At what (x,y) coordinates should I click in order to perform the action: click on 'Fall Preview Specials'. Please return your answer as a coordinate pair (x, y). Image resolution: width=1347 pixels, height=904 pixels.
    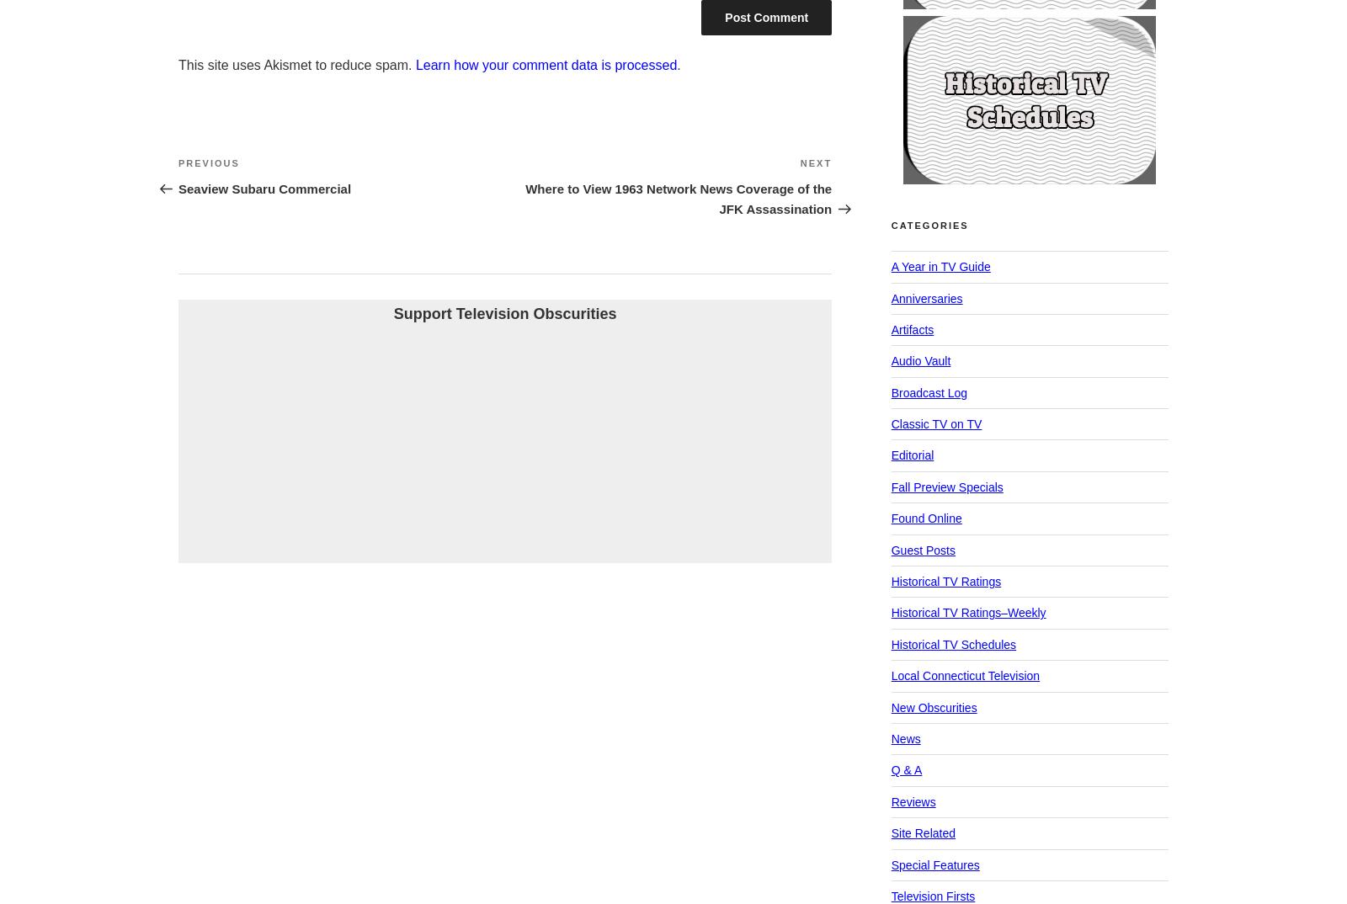
    Looking at the image, I should click on (946, 486).